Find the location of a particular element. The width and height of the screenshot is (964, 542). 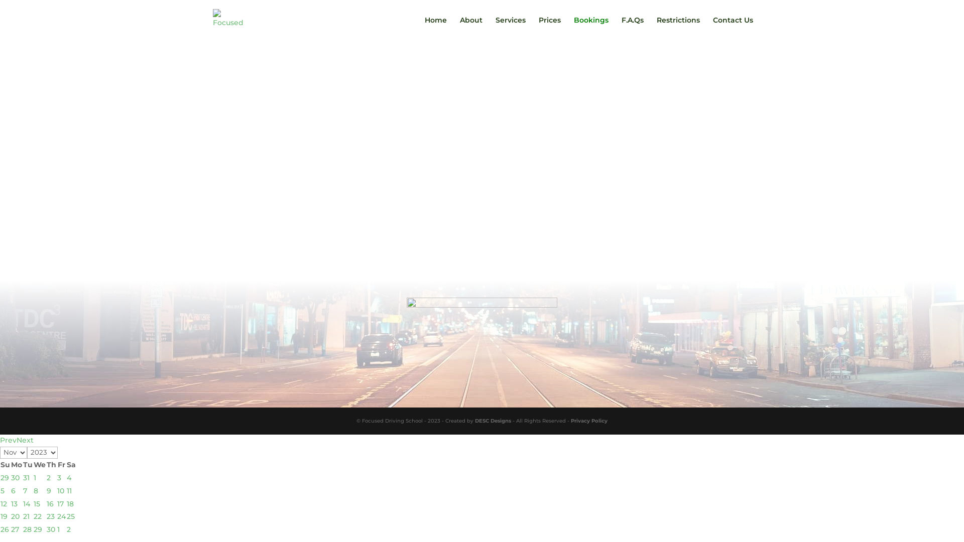

'Privacy Policy' is located at coordinates (589, 421).